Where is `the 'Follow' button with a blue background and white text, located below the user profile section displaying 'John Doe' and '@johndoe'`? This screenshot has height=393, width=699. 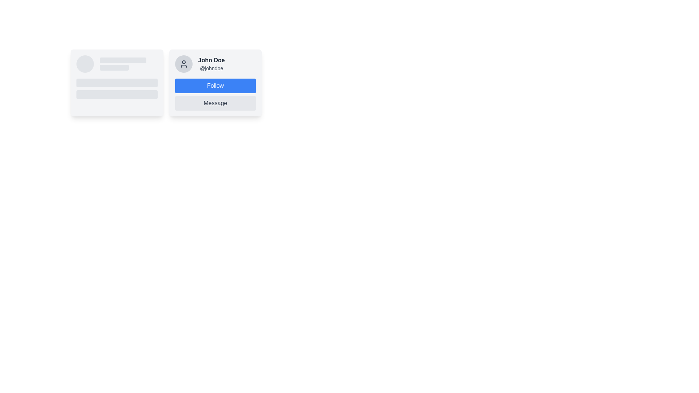
the 'Follow' button with a blue background and white text, located below the user profile section displaying 'John Doe' and '@johndoe' is located at coordinates (215, 82).